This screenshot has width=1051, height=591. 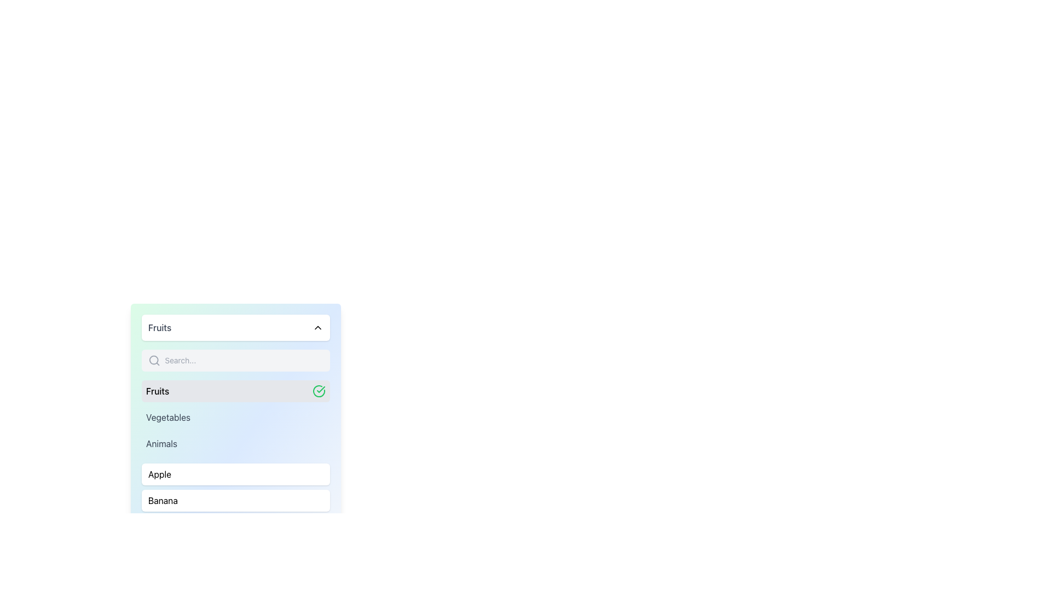 What do you see at coordinates (318, 390) in the screenshot?
I see `the circular checkmark icon with a green border next to the text 'Fruits'` at bounding box center [318, 390].